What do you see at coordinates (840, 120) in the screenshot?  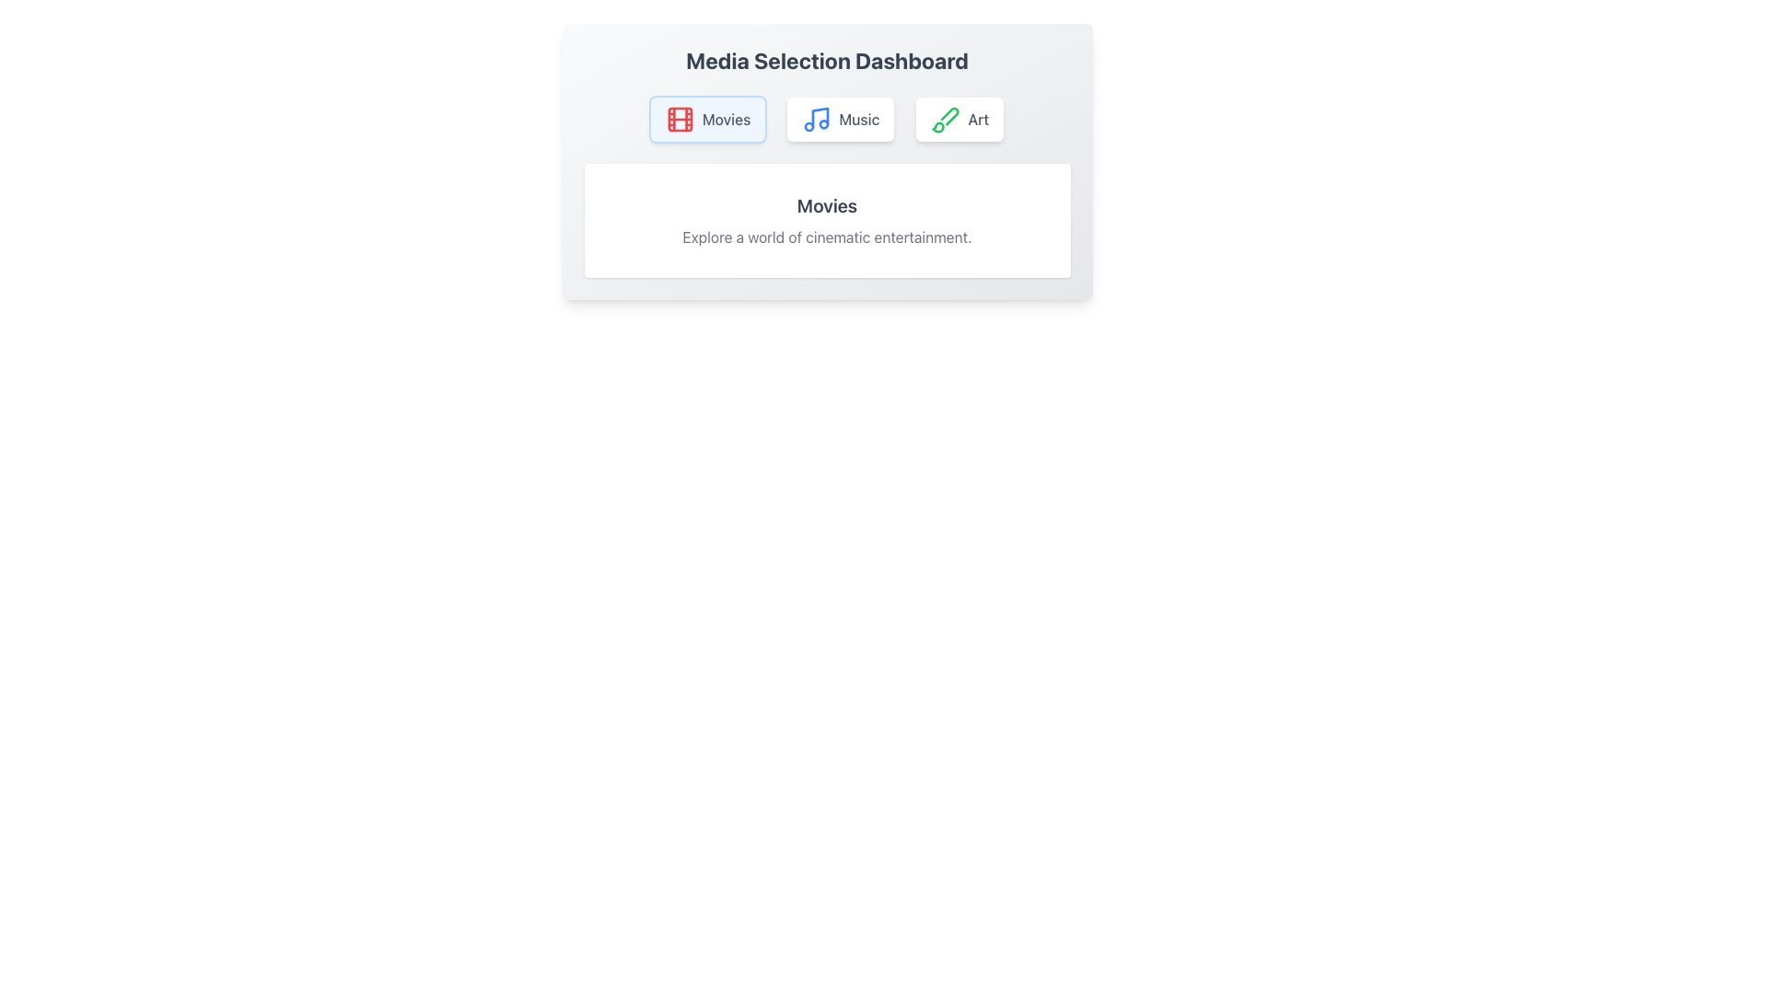 I see `the Music button, which is the second button in a row of three buttons labeled 'Movies', 'Music', and 'Art'` at bounding box center [840, 120].